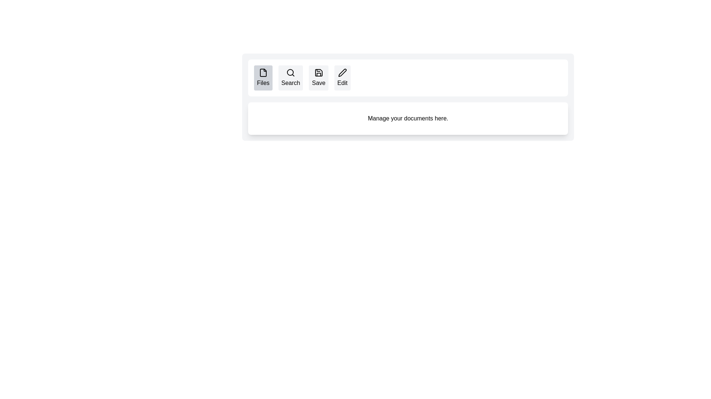 This screenshot has height=399, width=711. I want to click on the tab labeled Search, so click(290, 78).